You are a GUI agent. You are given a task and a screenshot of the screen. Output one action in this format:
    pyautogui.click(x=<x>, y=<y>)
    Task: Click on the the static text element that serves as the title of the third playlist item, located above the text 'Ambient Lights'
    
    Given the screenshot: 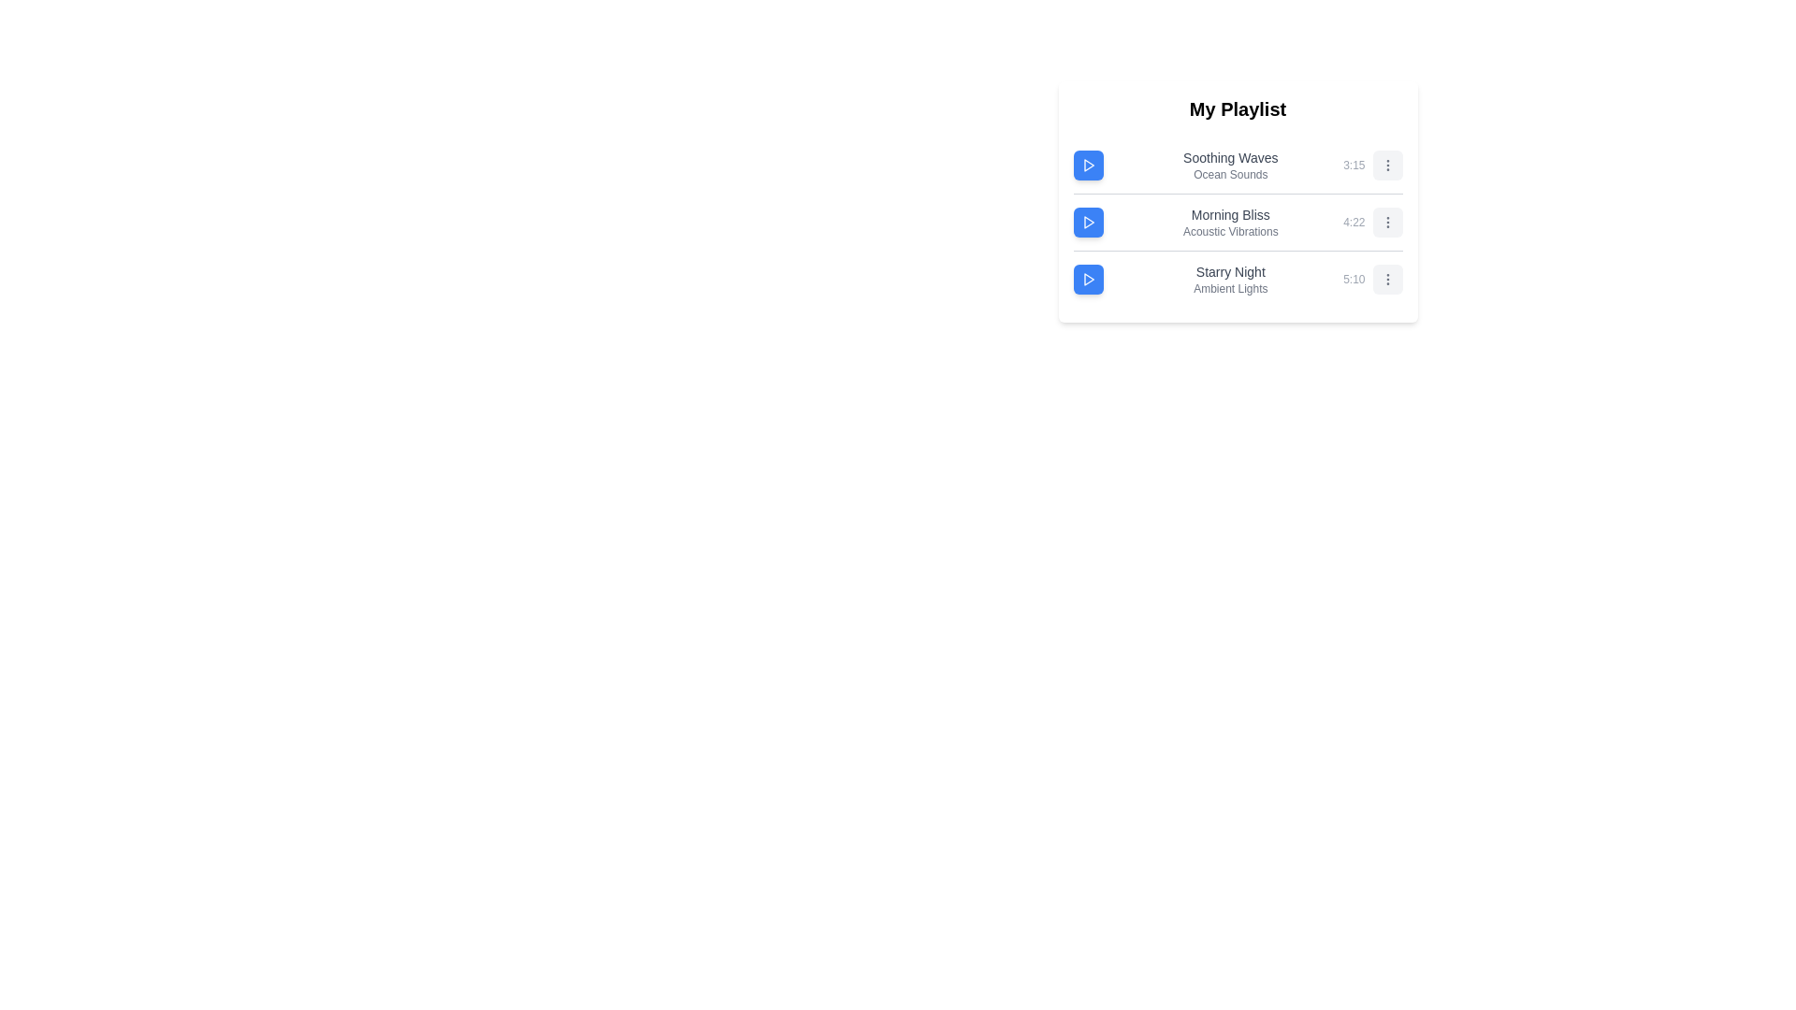 What is the action you would take?
    pyautogui.click(x=1230, y=271)
    